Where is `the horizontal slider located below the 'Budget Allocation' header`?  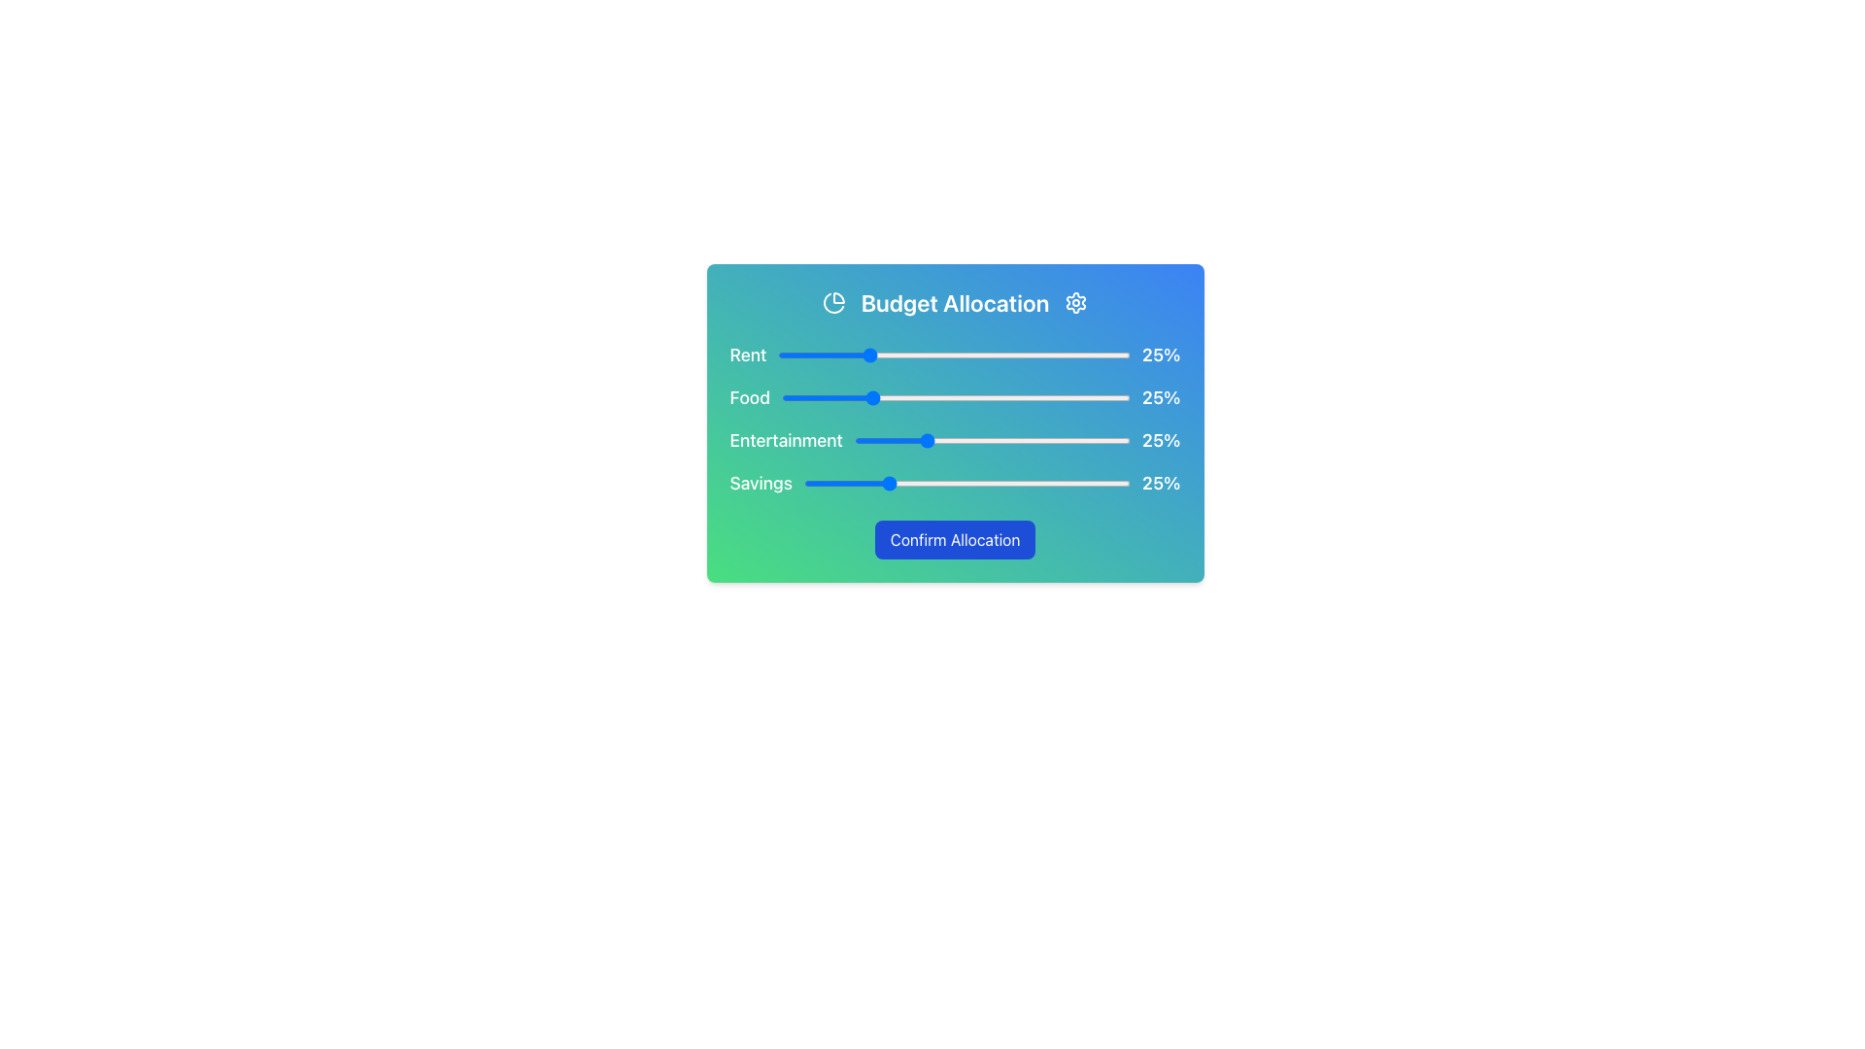
the horizontal slider located below the 'Budget Allocation' header is located at coordinates (955, 355).